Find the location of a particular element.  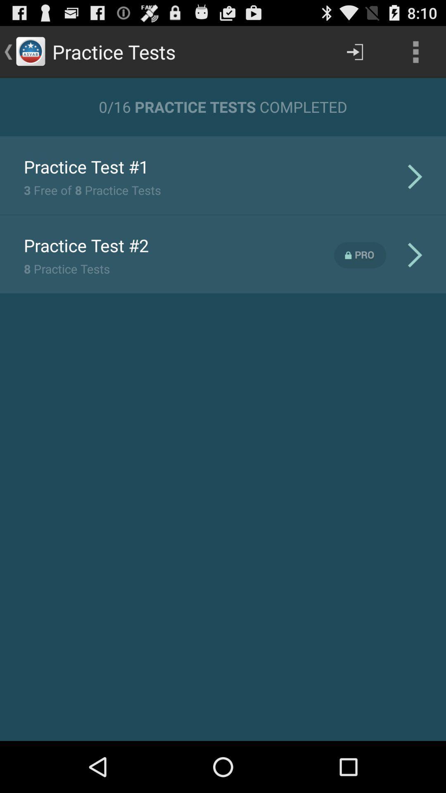

item above practice test #1 is located at coordinates (223, 135).